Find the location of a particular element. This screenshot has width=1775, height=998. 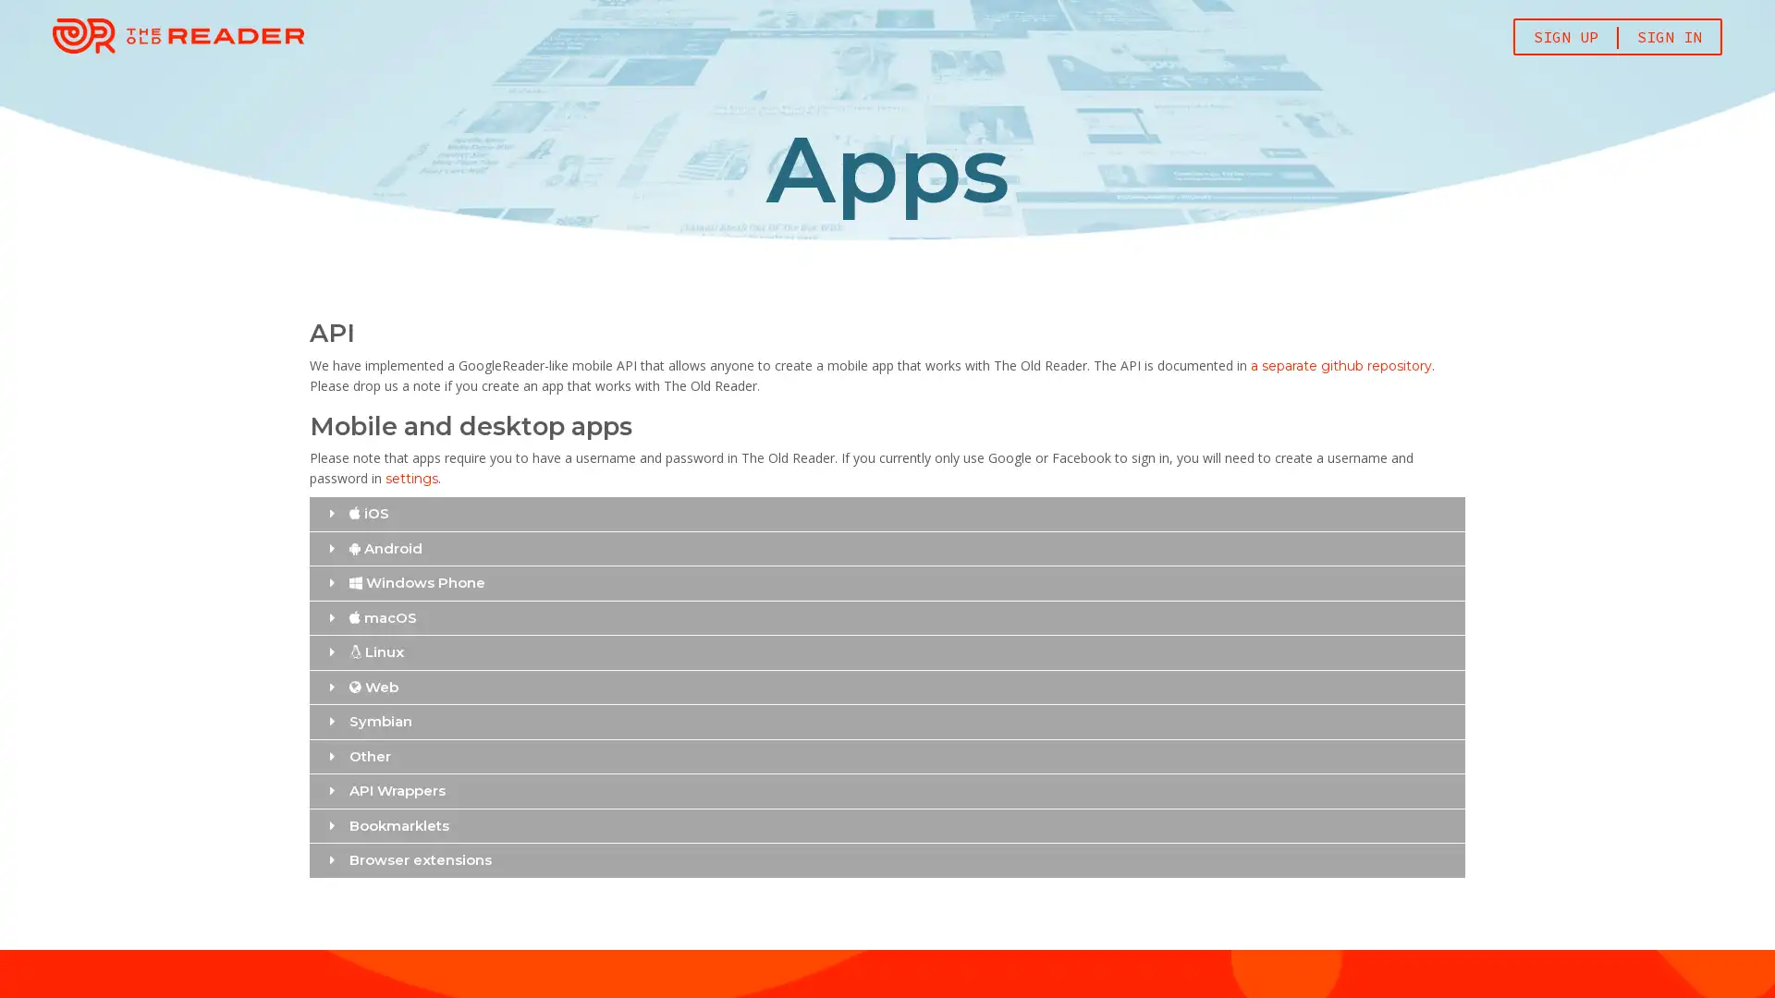

Linux is located at coordinates (886, 651).